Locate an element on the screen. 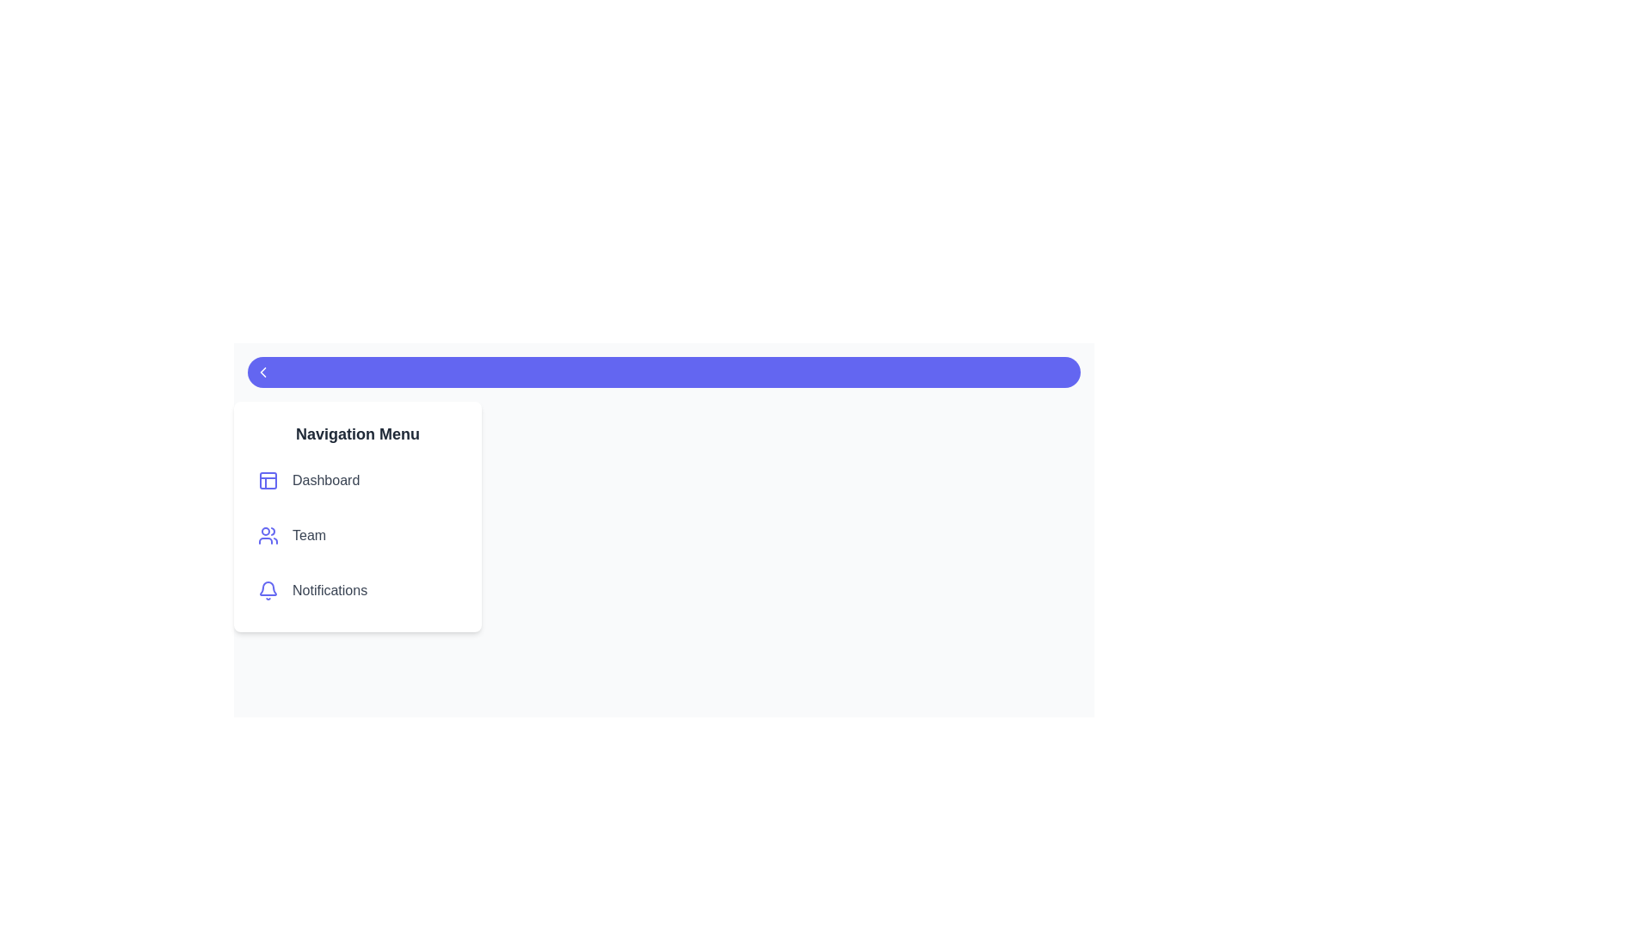 This screenshot has width=1652, height=929. the navigation menu item labeled Team is located at coordinates (357, 535).